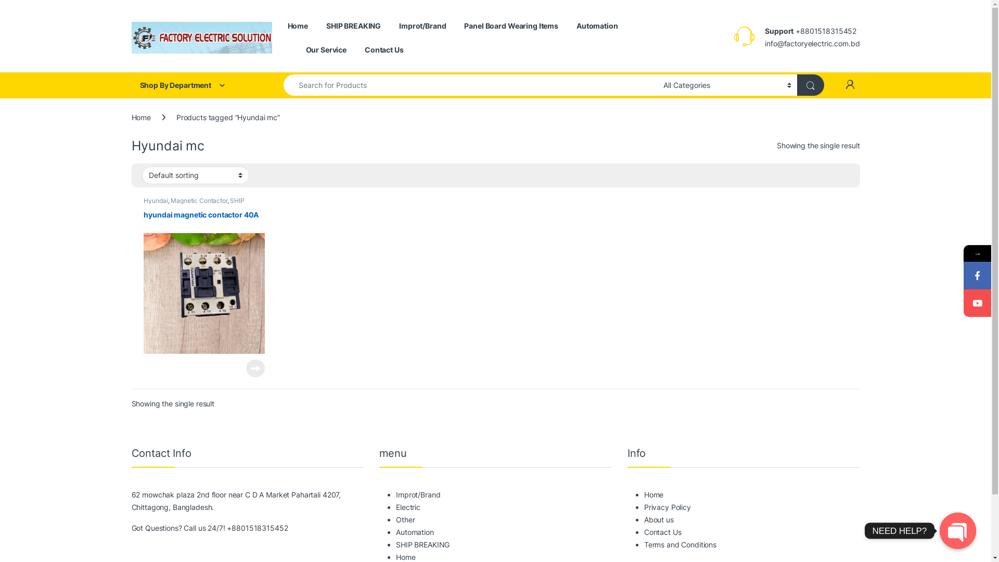  Describe the element at coordinates (597, 25) in the screenshot. I see `'Automation'` at that location.